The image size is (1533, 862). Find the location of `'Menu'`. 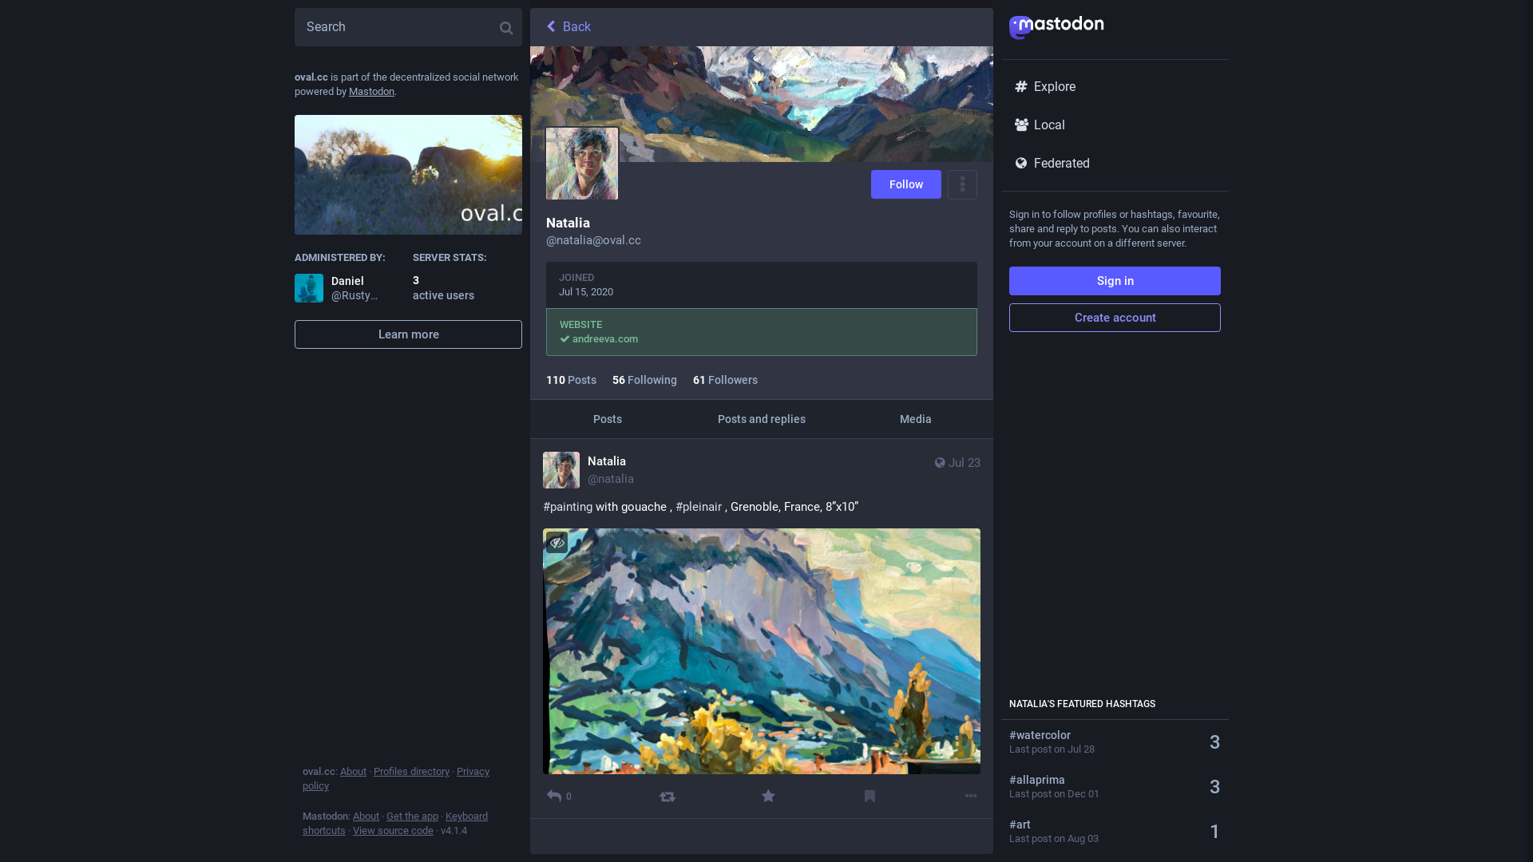

'Menu' is located at coordinates (961, 184).